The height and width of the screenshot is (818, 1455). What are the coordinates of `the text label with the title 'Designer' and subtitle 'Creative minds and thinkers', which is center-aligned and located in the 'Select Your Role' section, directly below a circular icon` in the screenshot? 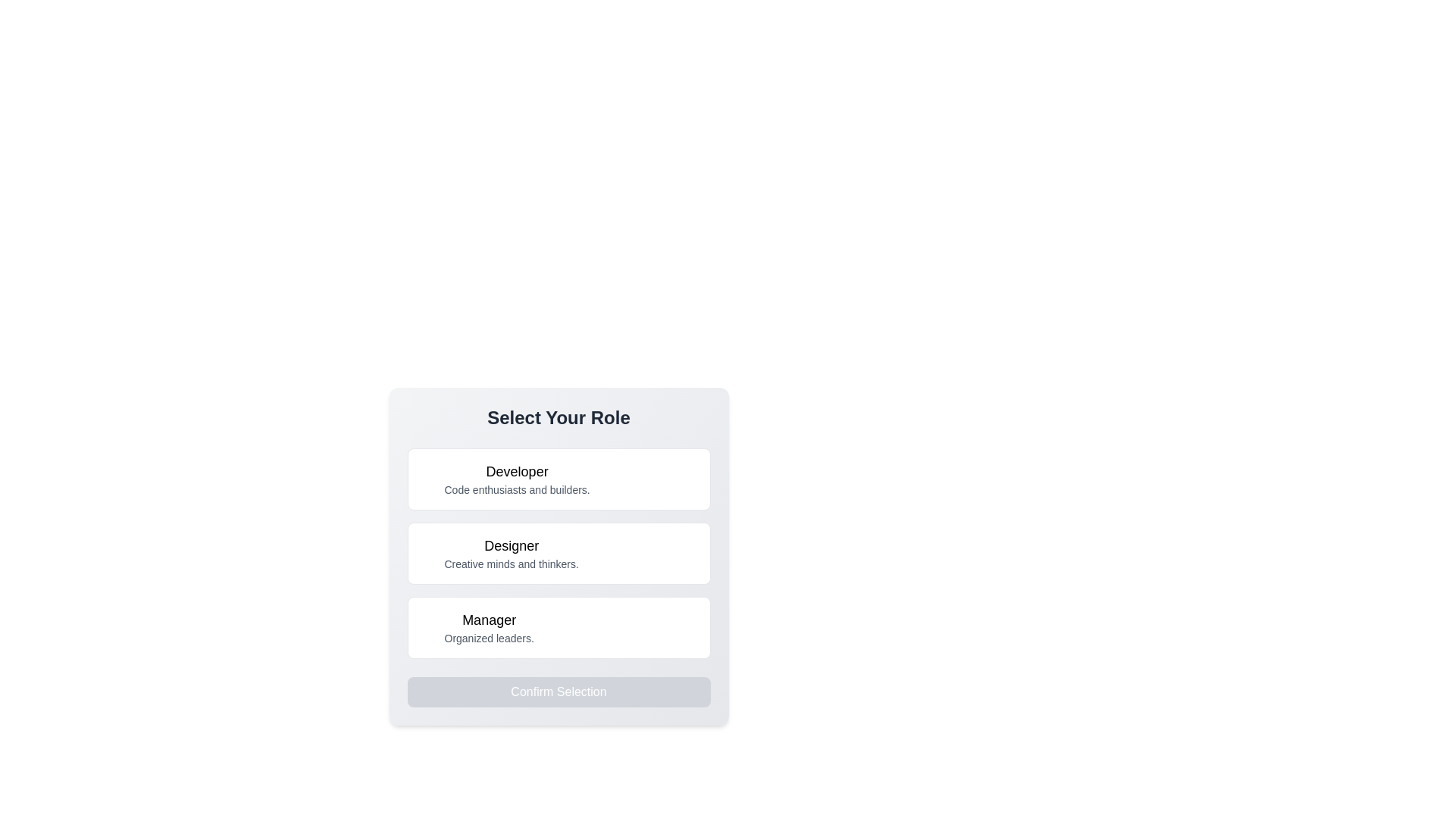 It's located at (512, 554).